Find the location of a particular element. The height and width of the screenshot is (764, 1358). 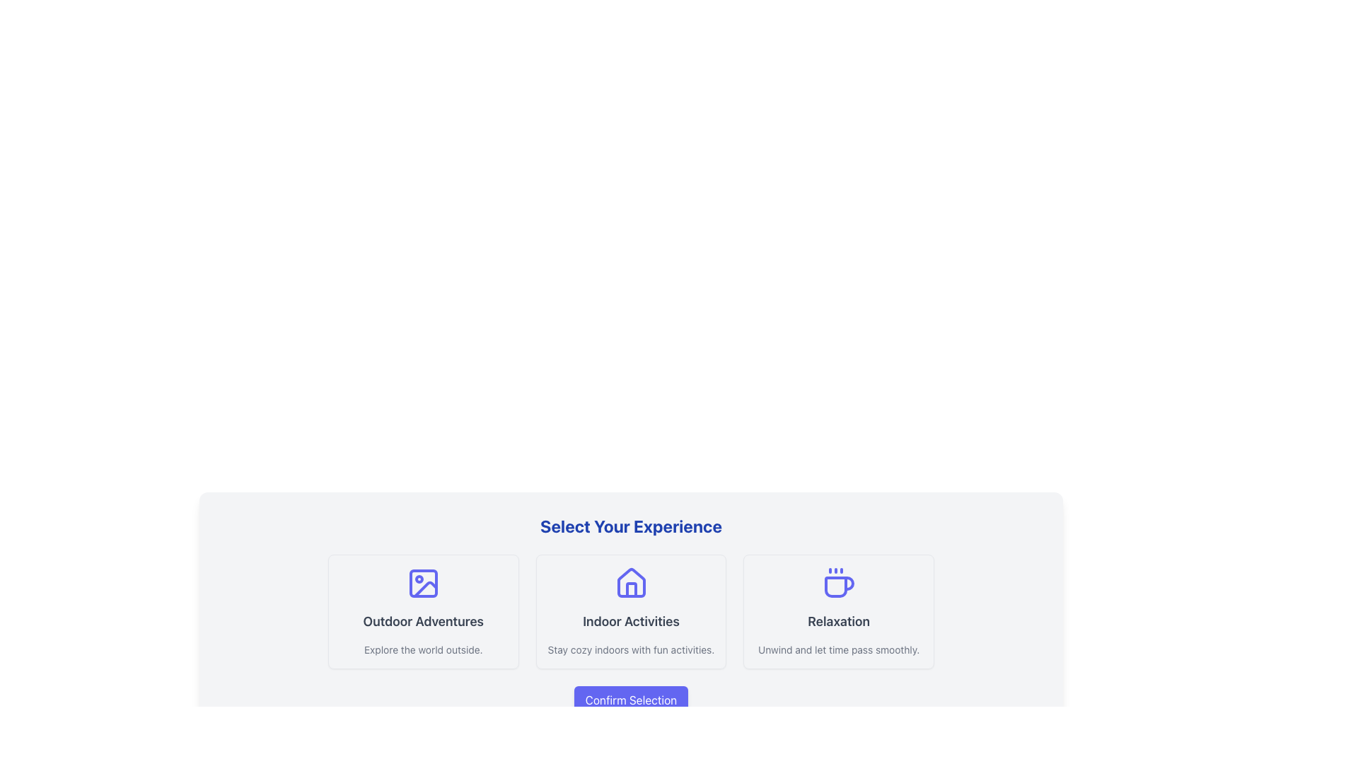

descriptive text 'Explore the world outside.' which is styled in gray and positioned under the heading 'Outdoor Adventures' is located at coordinates (422, 649).